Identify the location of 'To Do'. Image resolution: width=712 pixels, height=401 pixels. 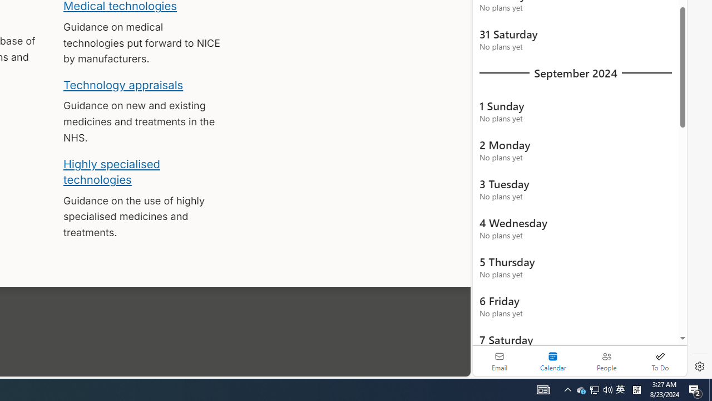
(660, 361).